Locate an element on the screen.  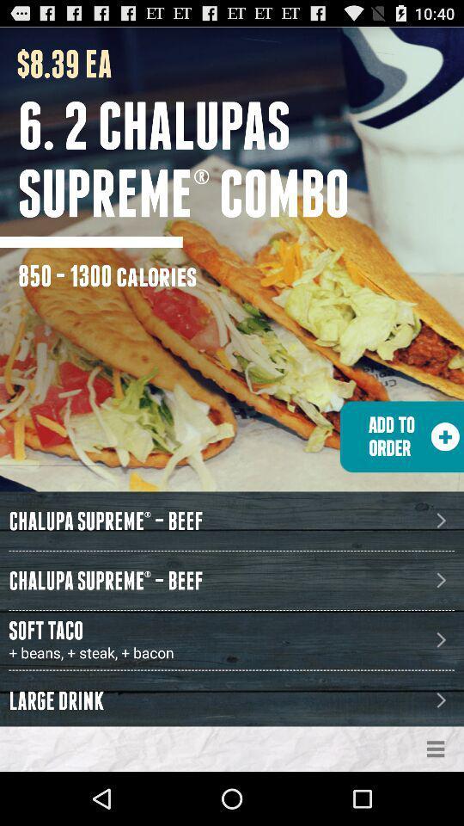
the 6 2 chalupas icon is located at coordinates (240, 159).